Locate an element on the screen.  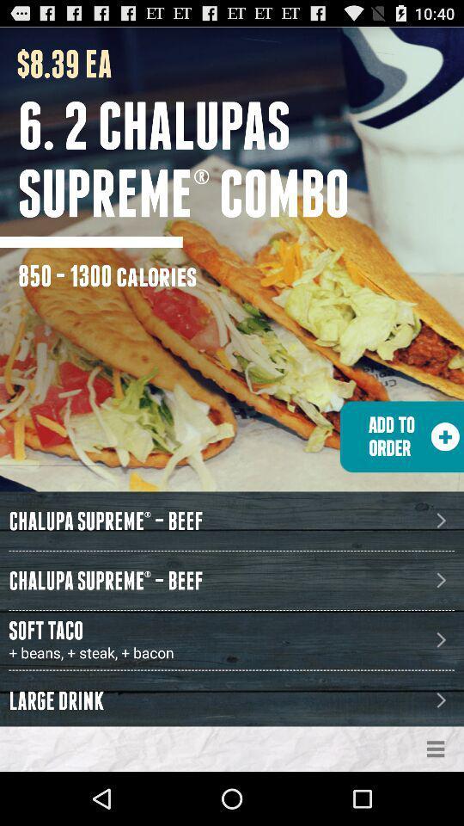
the 6 2 chalupas icon is located at coordinates (240, 159).